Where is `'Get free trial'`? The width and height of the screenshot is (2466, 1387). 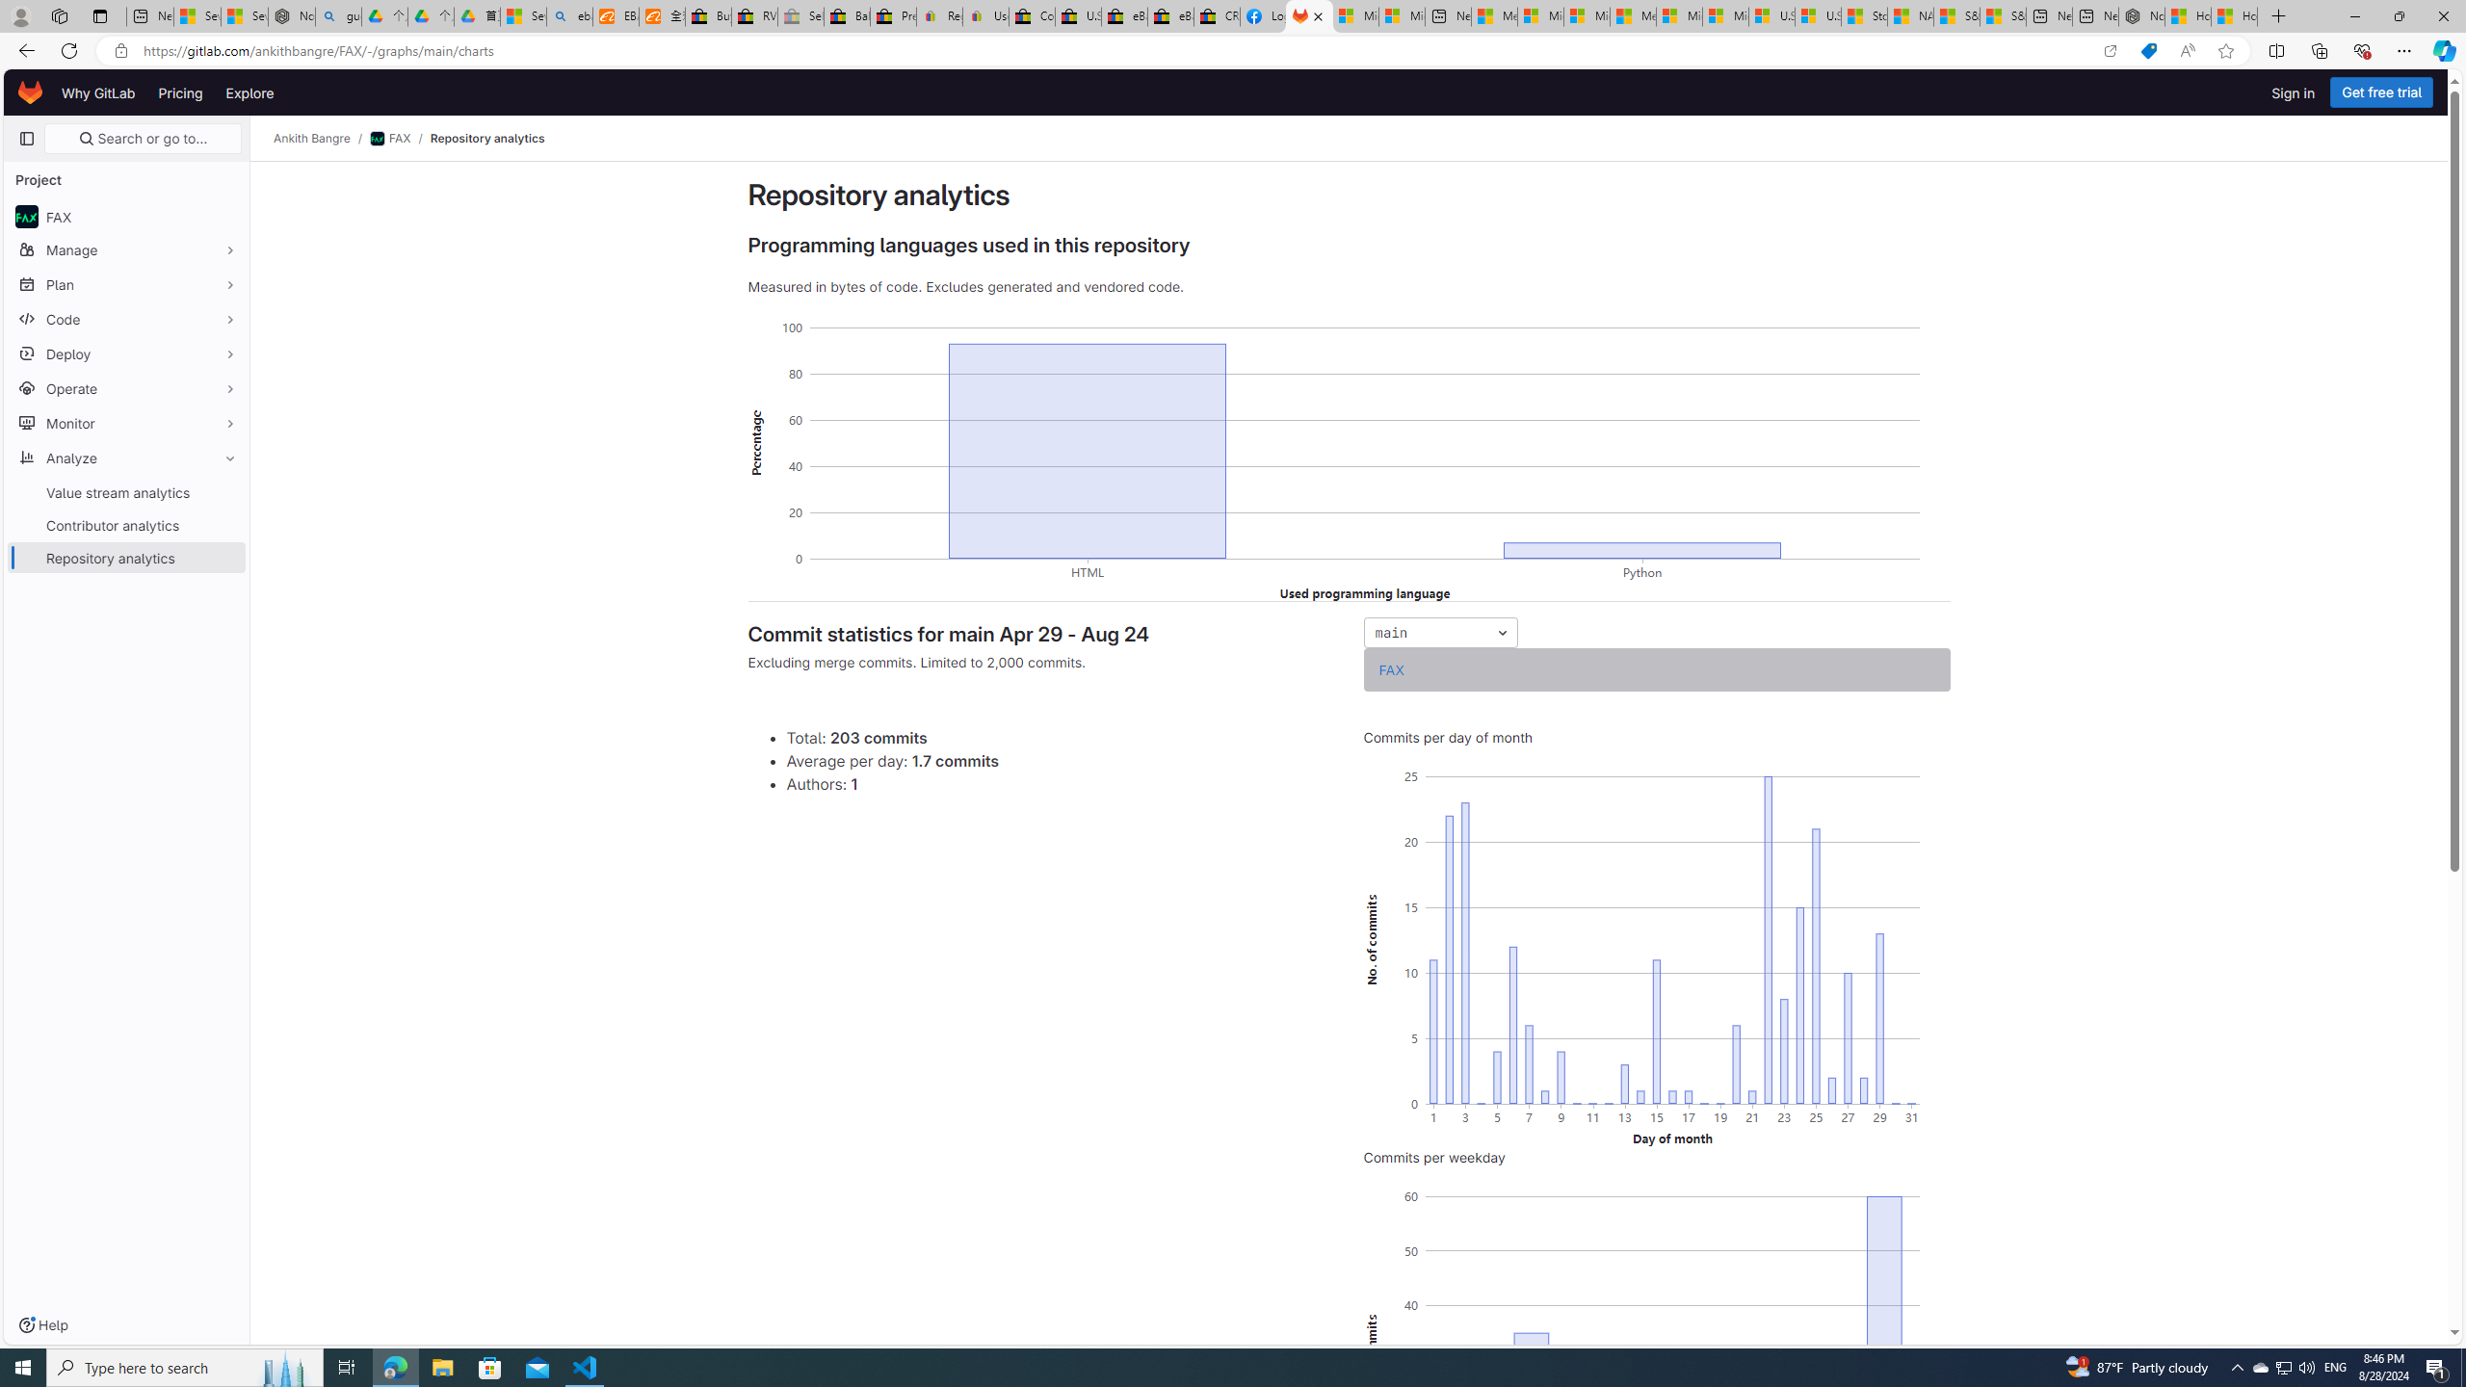 'Get free trial' is located at coordinates (2380, 92).